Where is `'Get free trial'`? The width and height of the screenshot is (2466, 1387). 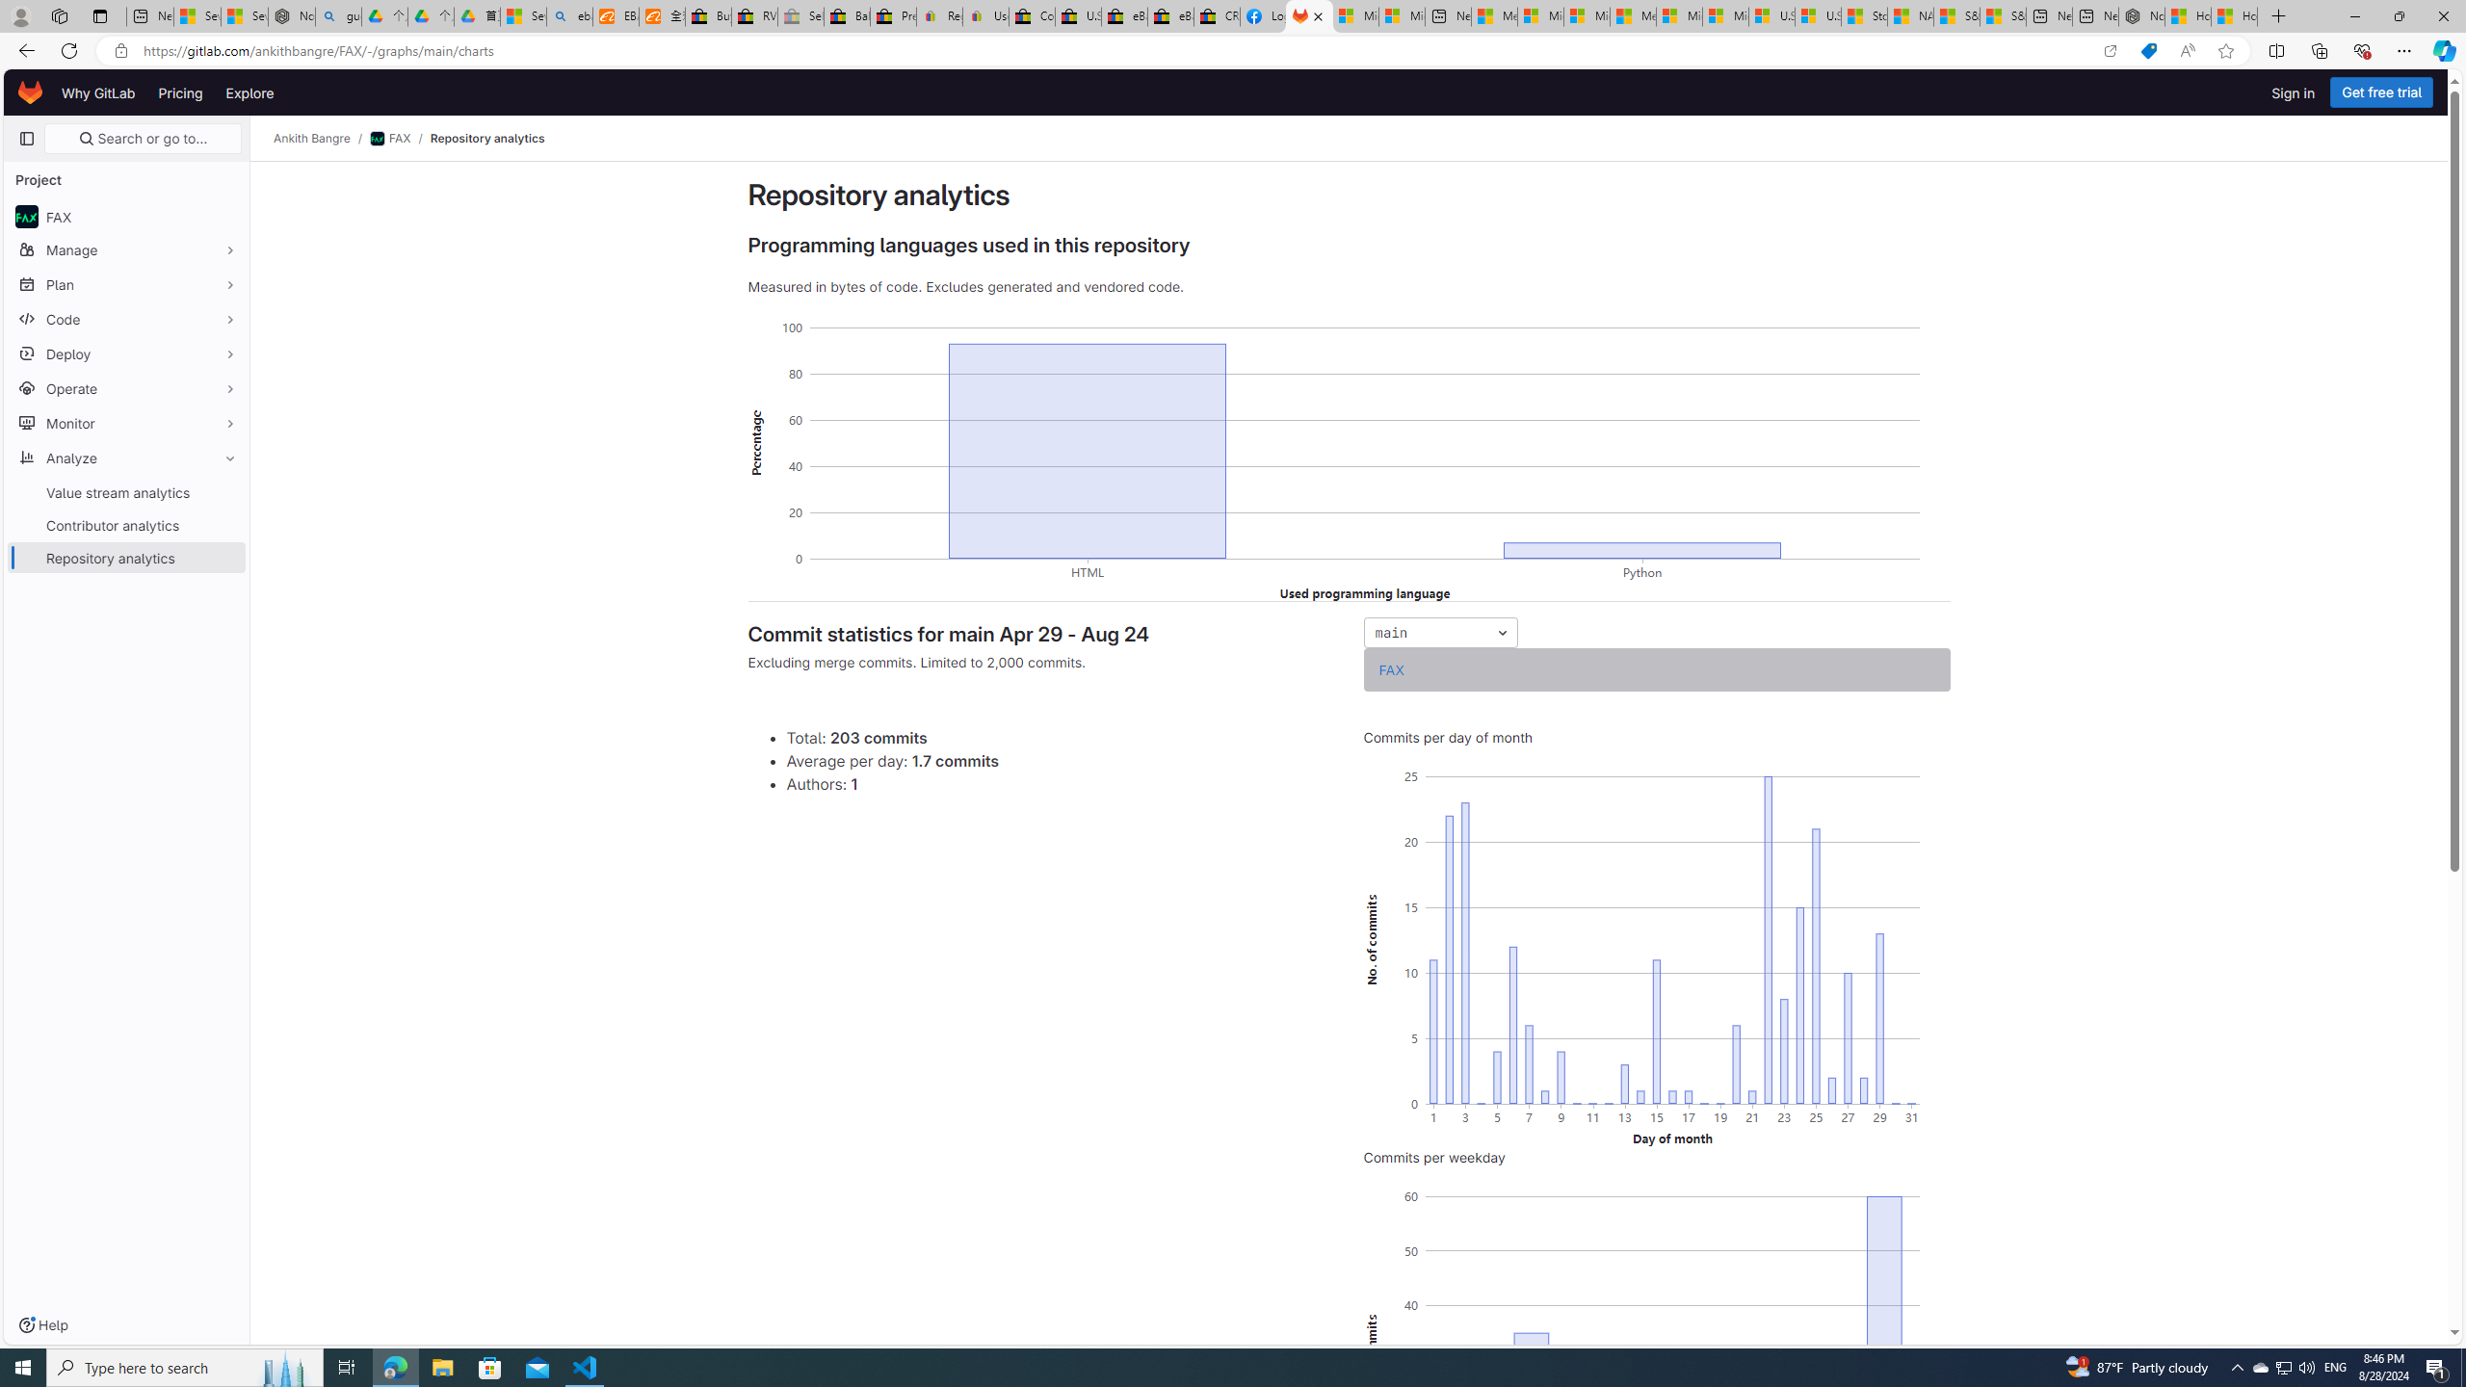 'Get free trial' is located at coordinates (2380, 92).